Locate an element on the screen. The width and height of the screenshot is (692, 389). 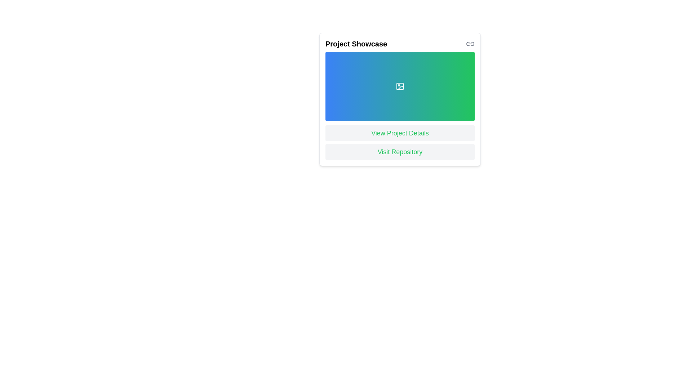
the image placeholder located centrally within the card structure, below the title 'Project Showcase' and above the buttons 'View Project Details' and 'Visit Repository' is located at coordinates (399, 99).